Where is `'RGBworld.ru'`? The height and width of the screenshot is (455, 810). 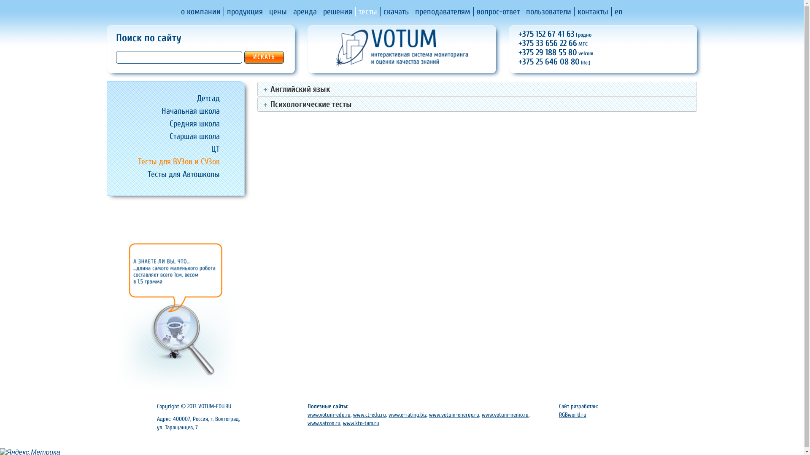
'RGBworld.ru' is located at coordinates (572, 414).